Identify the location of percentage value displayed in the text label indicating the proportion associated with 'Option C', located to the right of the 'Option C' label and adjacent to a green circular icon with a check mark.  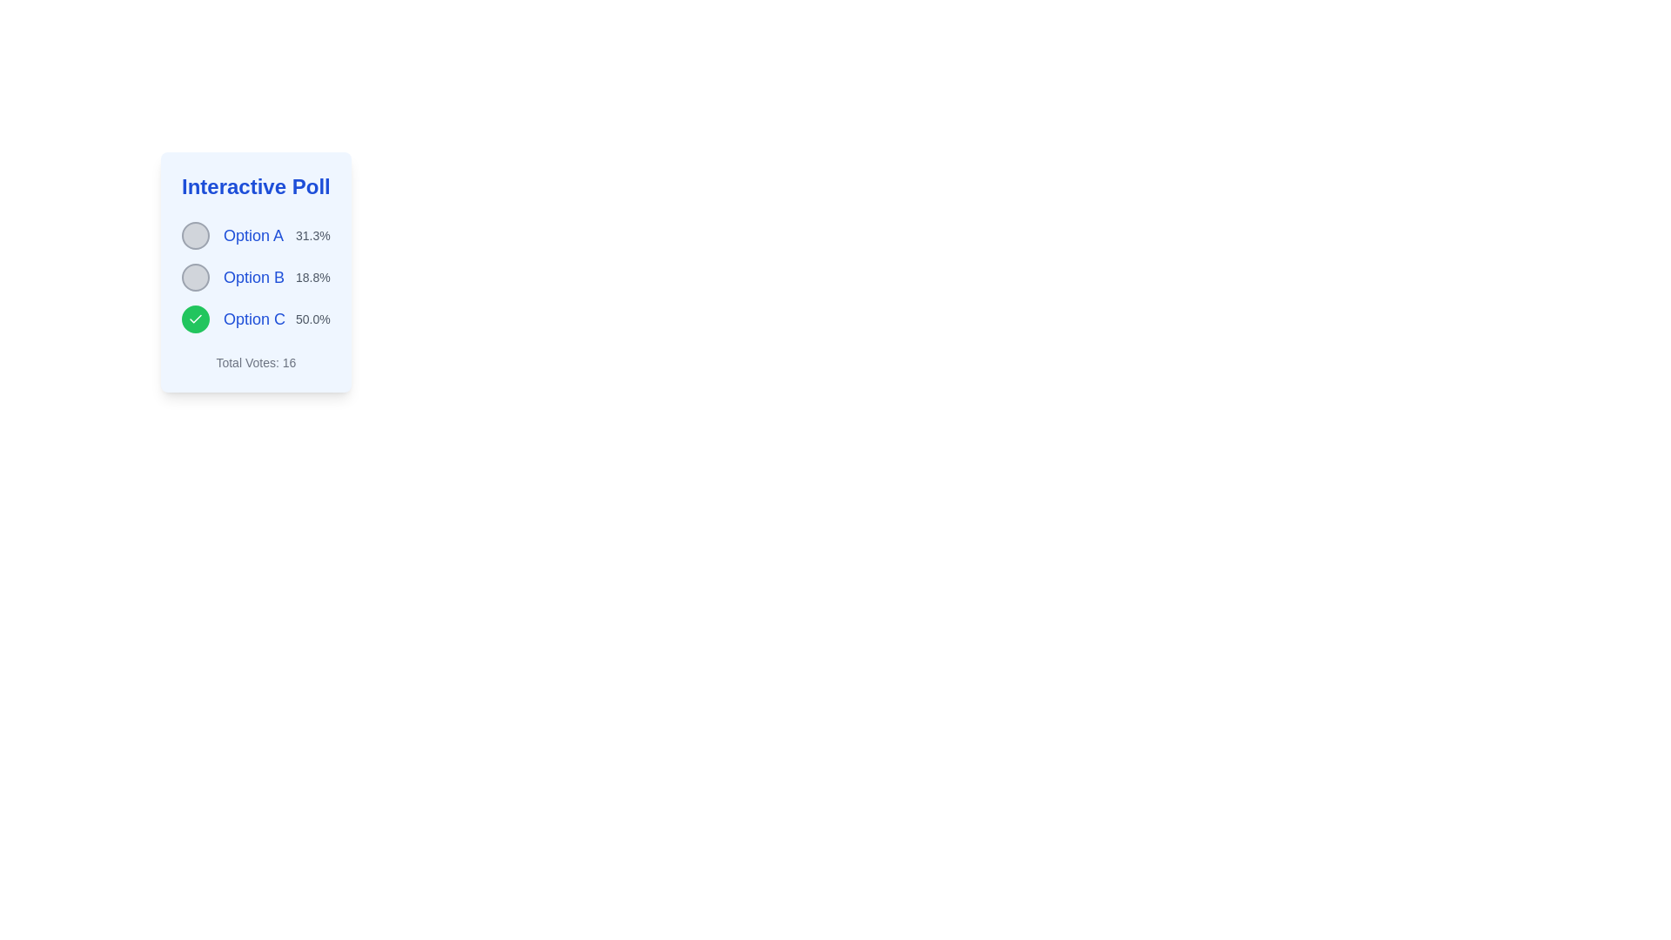
(312, 319).